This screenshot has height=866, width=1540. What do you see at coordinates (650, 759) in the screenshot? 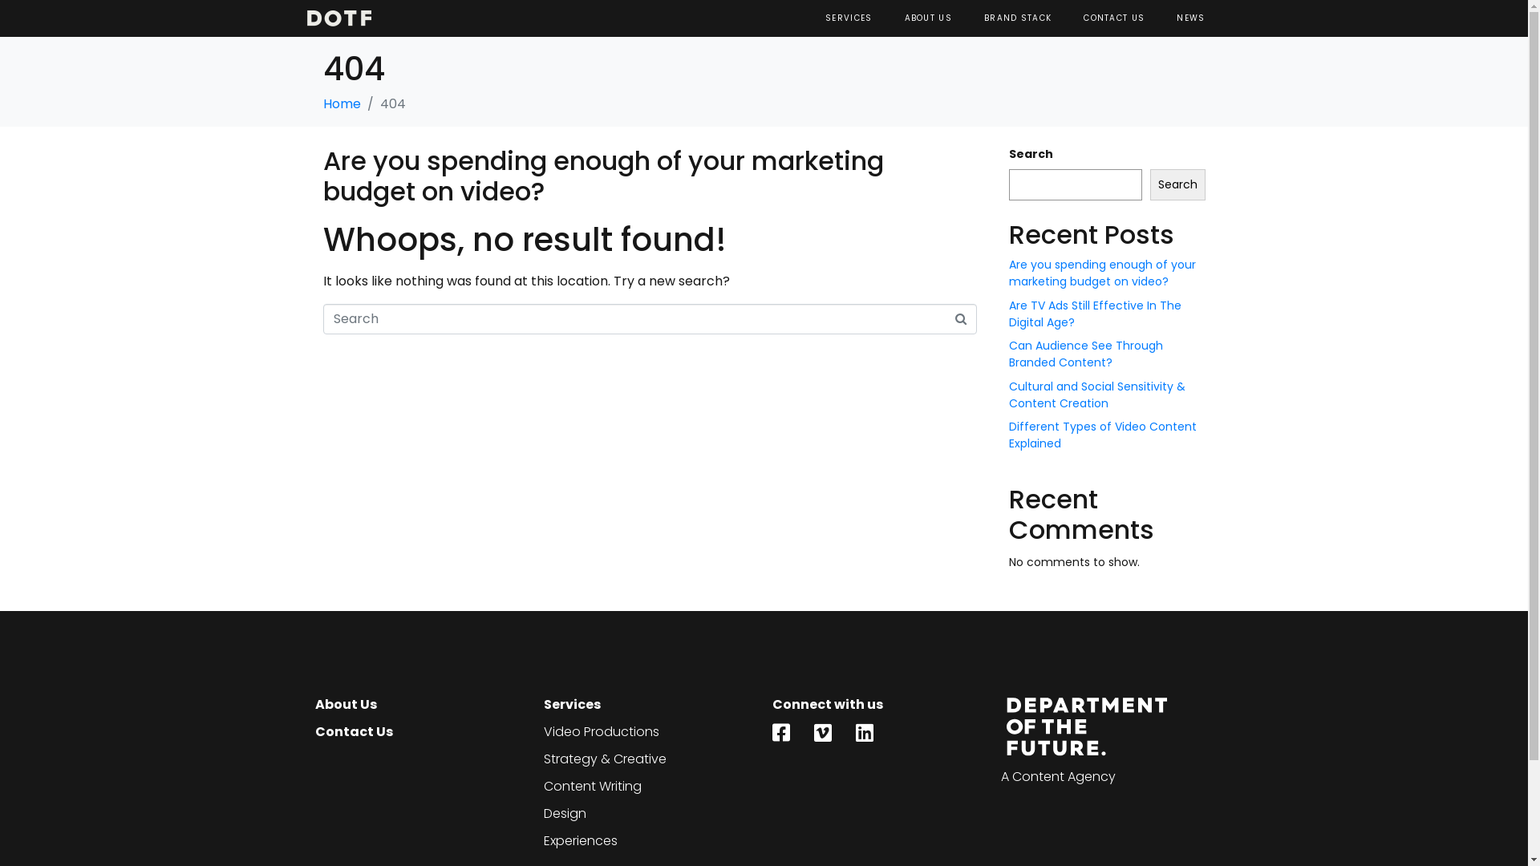
I see `'Strategy & Creative'` at bounding box center [650, 759].